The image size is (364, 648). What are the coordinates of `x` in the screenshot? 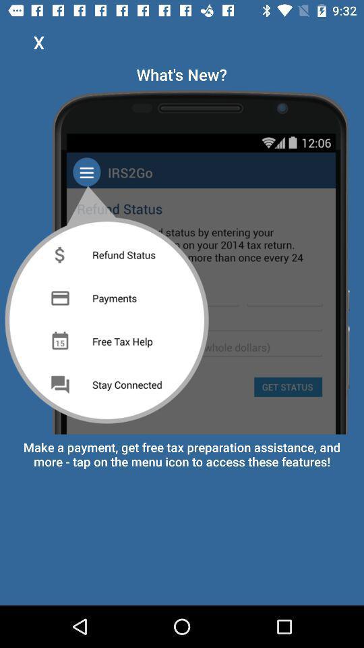 It's located at (38, 42).